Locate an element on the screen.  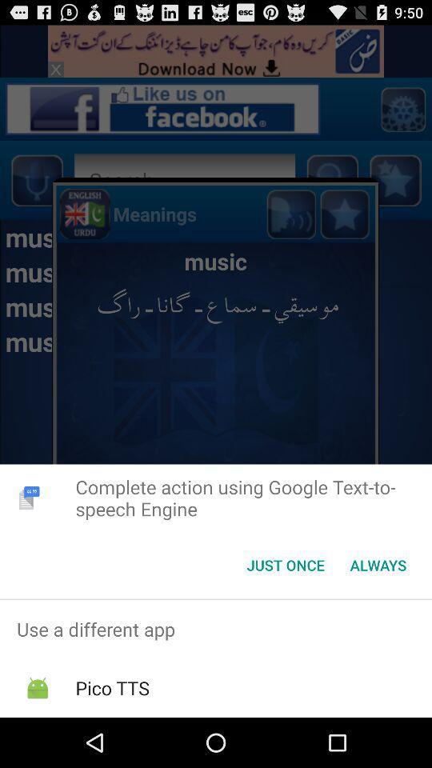
always icon is located at coordinates (378, 565).